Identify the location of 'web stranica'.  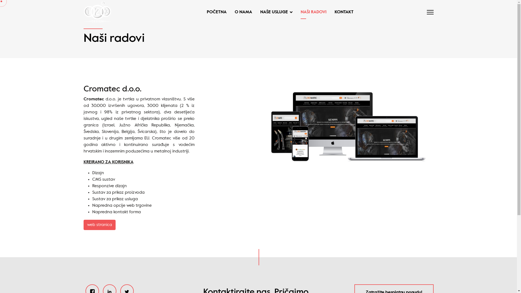
(99, 225).